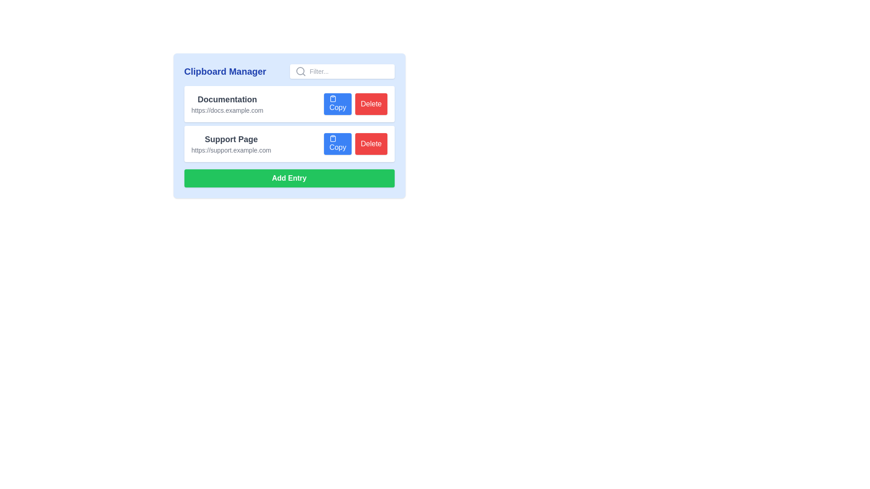  I want to click on the text display group that shows the reference to a support page, located centrally, so click(231, 143).